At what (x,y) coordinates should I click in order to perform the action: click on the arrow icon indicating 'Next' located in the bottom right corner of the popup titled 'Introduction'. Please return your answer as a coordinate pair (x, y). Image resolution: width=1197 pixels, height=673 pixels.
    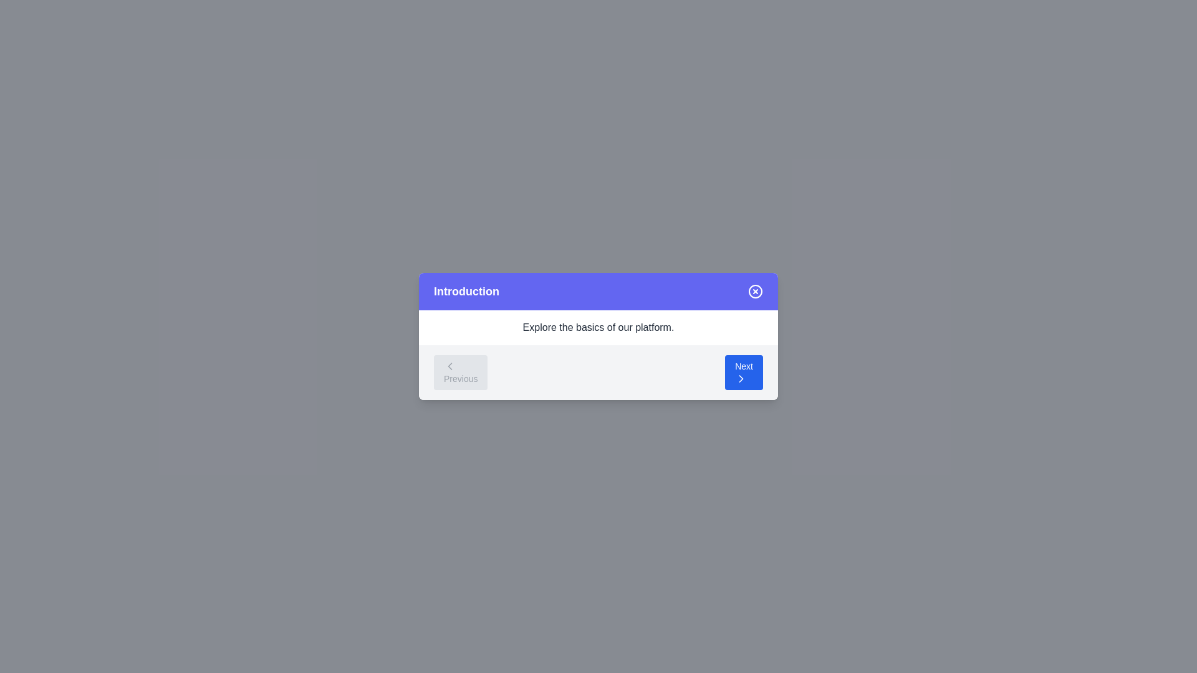
    Looking at the image, I should click on (741, 378).